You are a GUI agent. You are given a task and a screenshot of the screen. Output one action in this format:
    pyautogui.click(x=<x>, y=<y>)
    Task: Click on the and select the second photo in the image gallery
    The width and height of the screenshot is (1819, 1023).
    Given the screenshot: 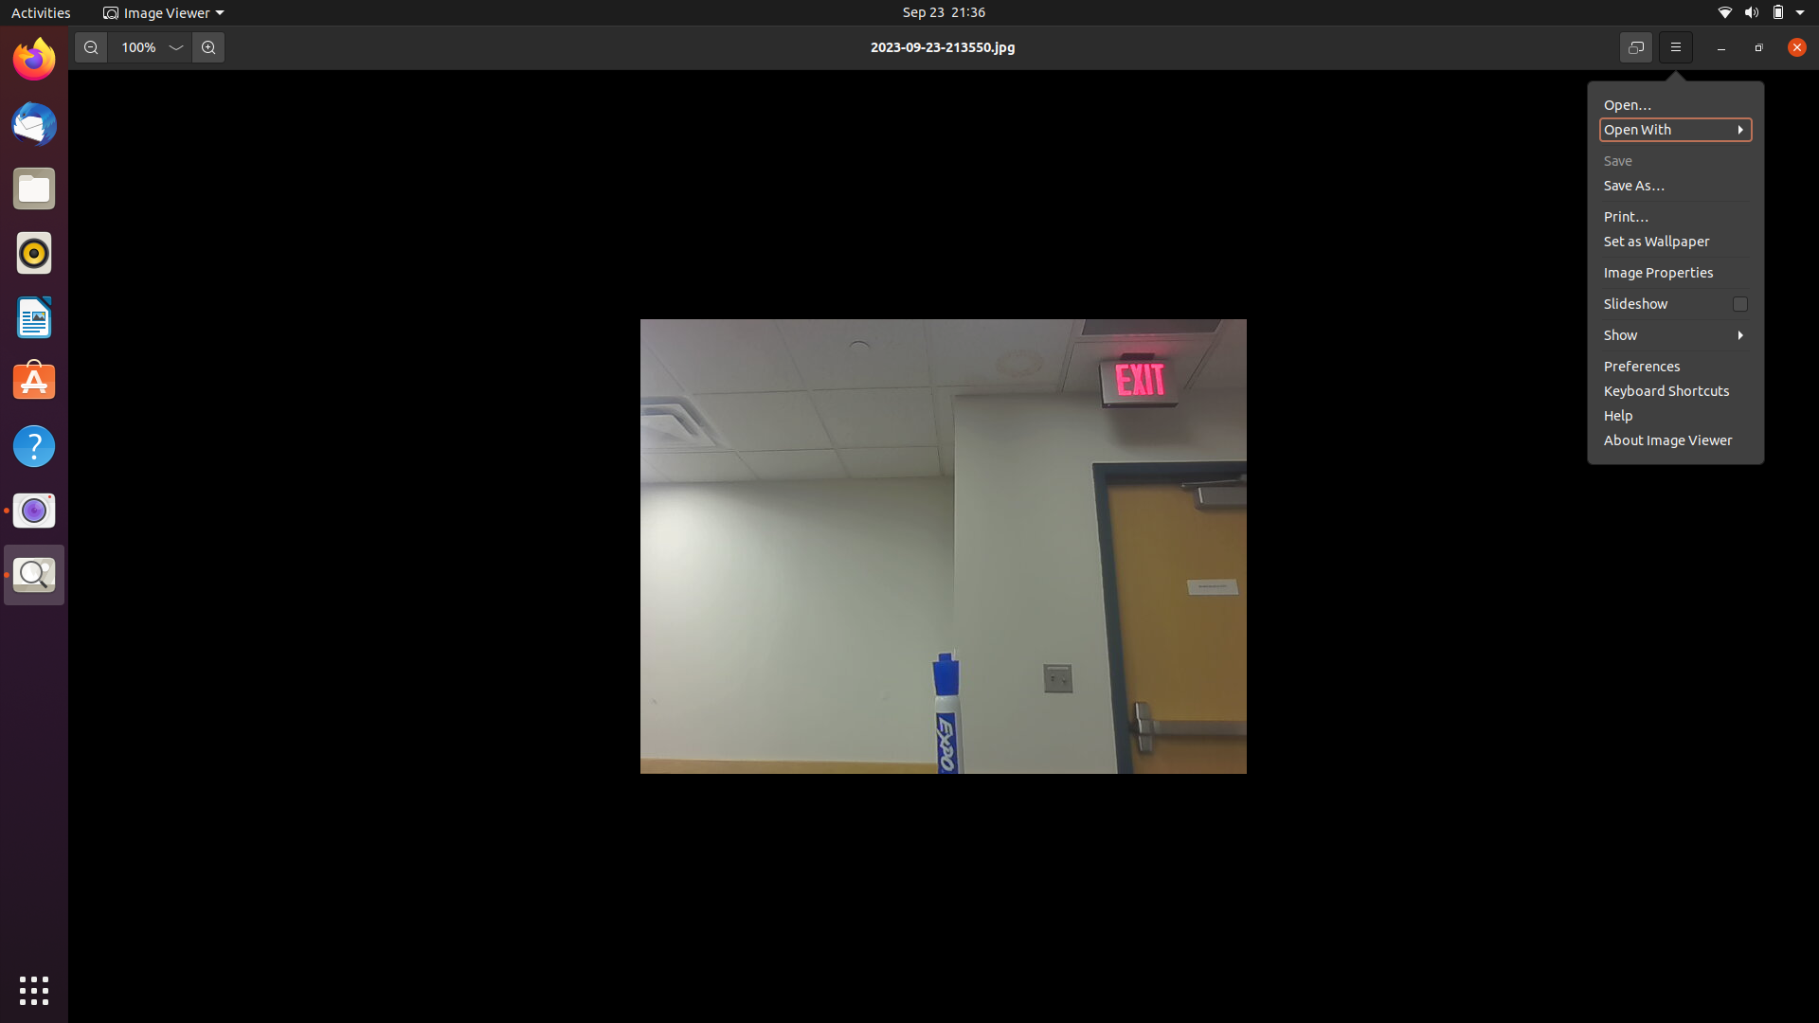 What is the action you would take?
    pyautogui.click(x=1676, y=129)
    